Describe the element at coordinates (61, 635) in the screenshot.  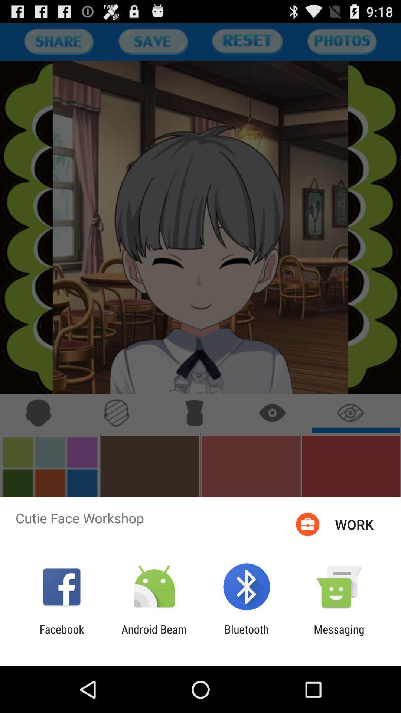
I see `facebook` at that location.